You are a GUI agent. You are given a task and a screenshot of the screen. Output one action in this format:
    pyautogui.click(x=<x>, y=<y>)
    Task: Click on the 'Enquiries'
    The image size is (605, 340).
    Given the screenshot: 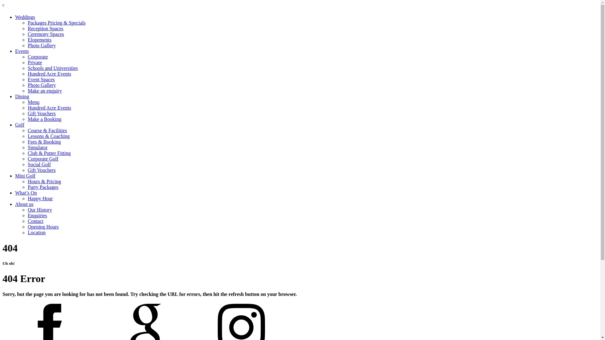 What is the action you would take?
    pyautogui.click(x=37, y=215)
    